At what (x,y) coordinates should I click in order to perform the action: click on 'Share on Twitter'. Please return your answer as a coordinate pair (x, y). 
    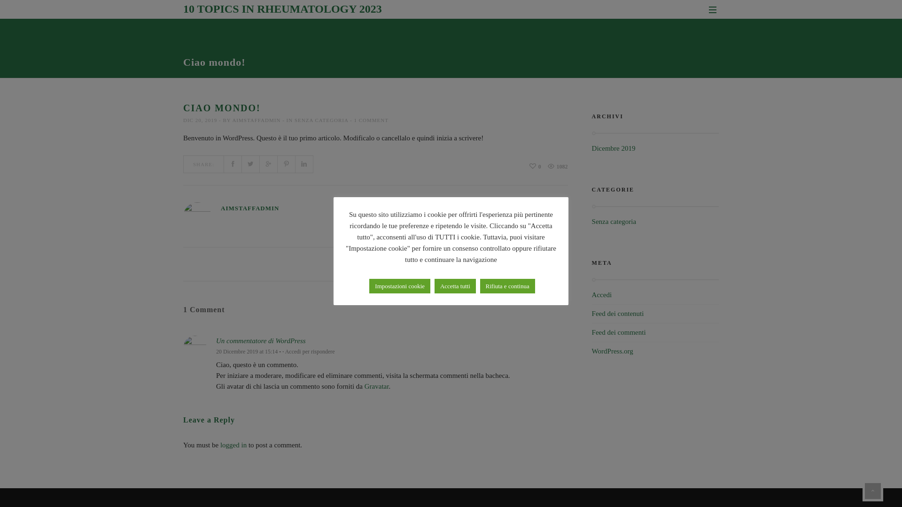
    Looking at the image, I should click on (241, 164).